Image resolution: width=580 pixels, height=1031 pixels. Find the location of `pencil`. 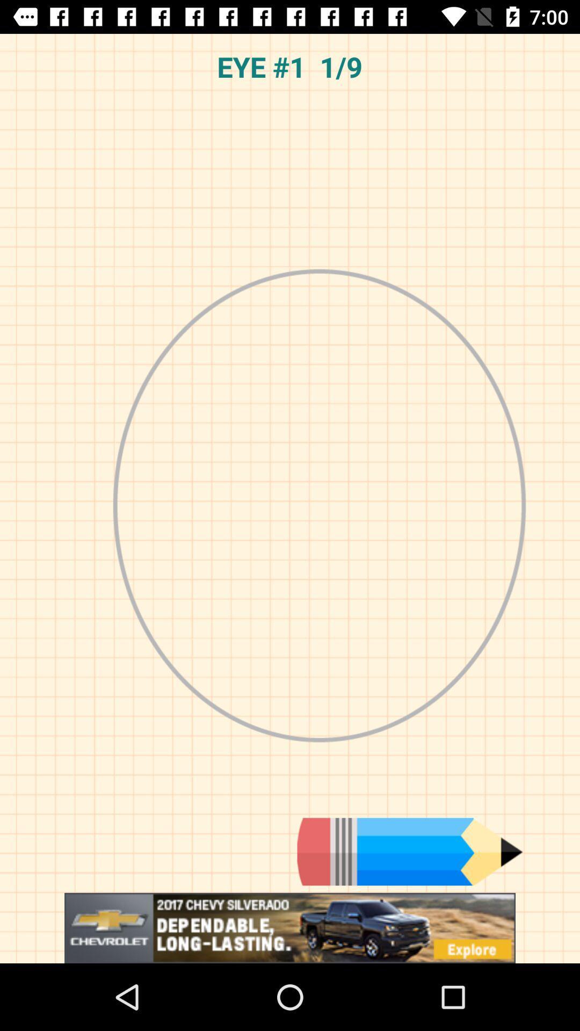

pencil is located at coordinates (410, 851).